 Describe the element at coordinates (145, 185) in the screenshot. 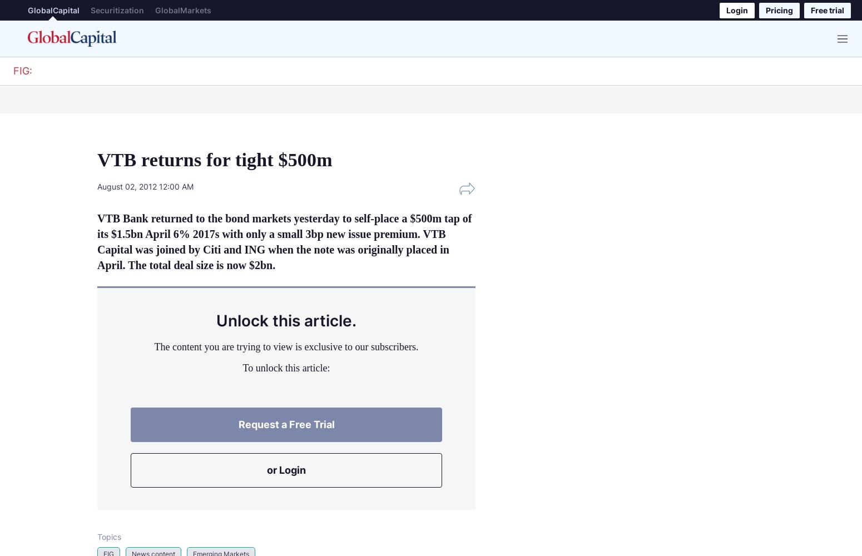

I see `'August 02, 2012 12:00 AM'` at that location.